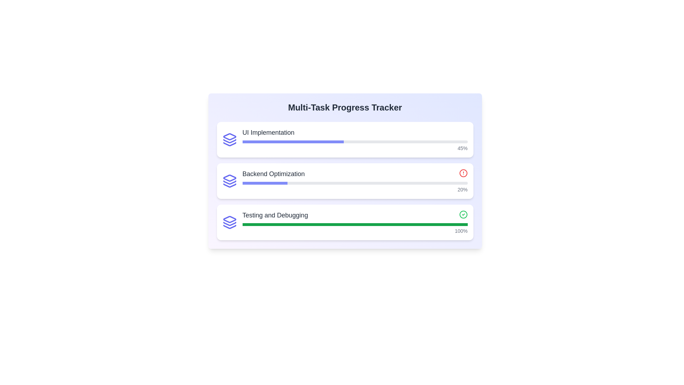 This screenshot has height=385, width=684. What do you see at coordinates (355, 229) in the screenshot?
I see `the enabled progress bar displaying '100%' under the 'Testing and Debugging' section to interact with it` at bounding box center [355, 229].